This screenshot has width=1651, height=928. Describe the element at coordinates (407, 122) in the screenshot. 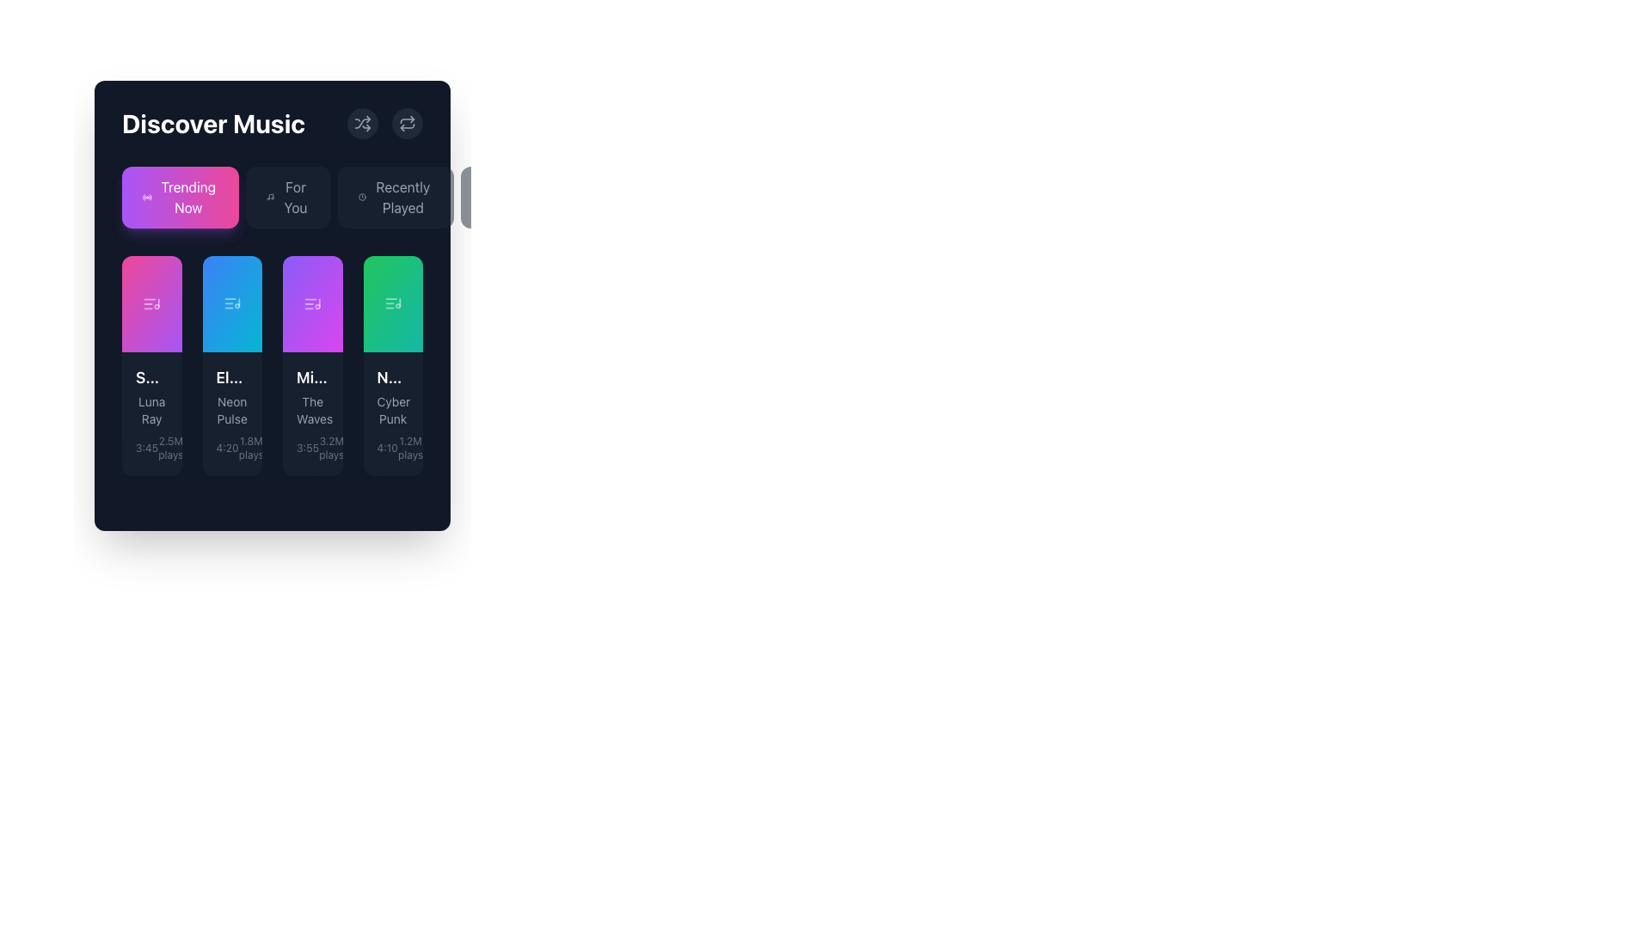

I see `the repeat function button, which features a minimalistic icon of two curved arrows forming a loop, located in the top-right corner of the music discovery interface` at that location.